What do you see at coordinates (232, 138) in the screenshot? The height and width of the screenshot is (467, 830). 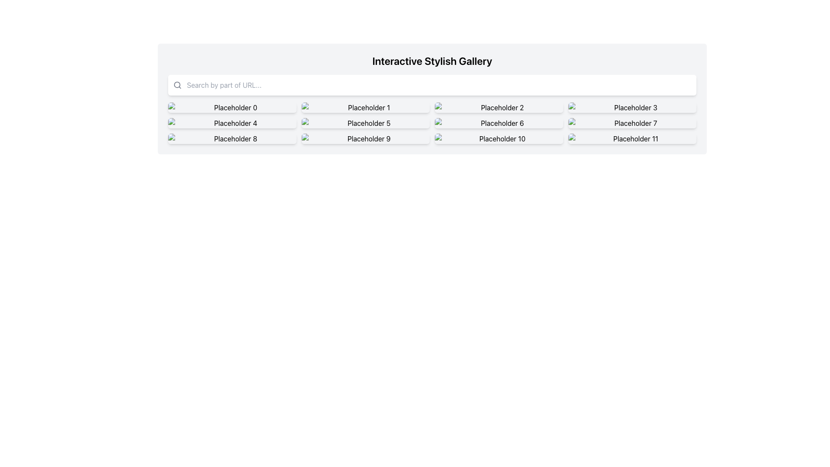 I see `the Dashboard Item labeled 'Placeholder 8', which features an image icon on the left and text styled in a standard sans-serif font, located in the third row, first column of the grid` at bounding box center [232, 138].